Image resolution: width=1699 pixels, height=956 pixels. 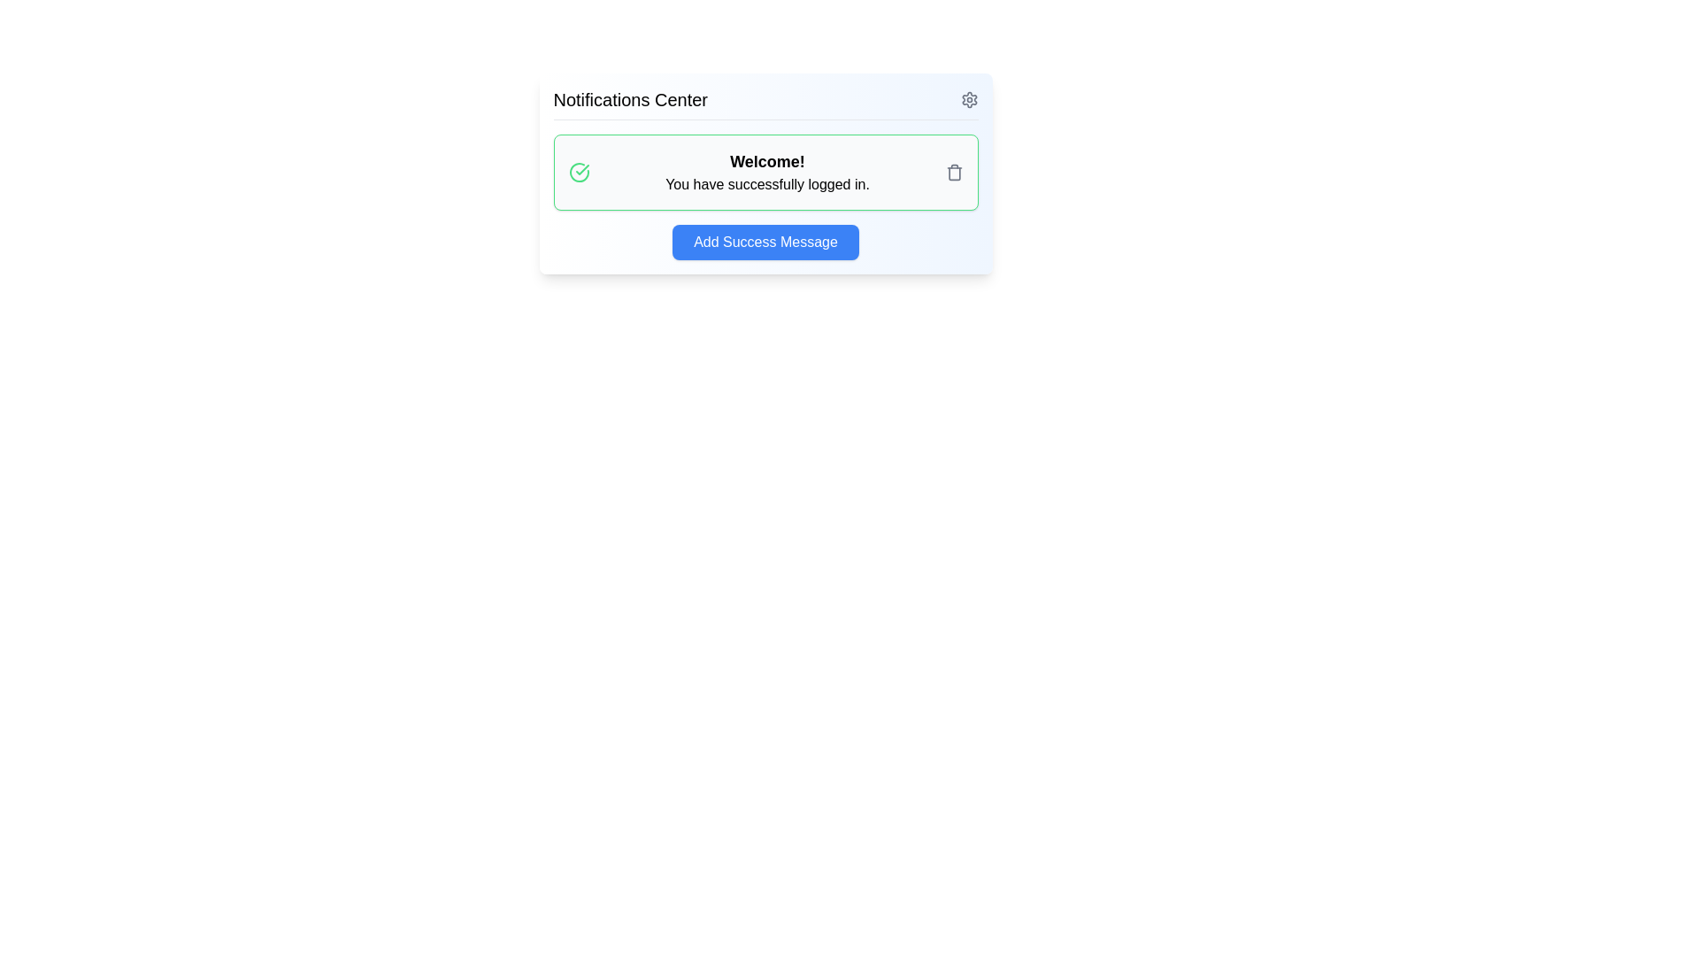 What do you see at coordinates (579, 173) in the screenshot?
I see `the success icon located to the left of the notification message, adjacent to the title 'Welcome!' and the text 'You have successfully logged in.'` at bounding box center [579, 173].